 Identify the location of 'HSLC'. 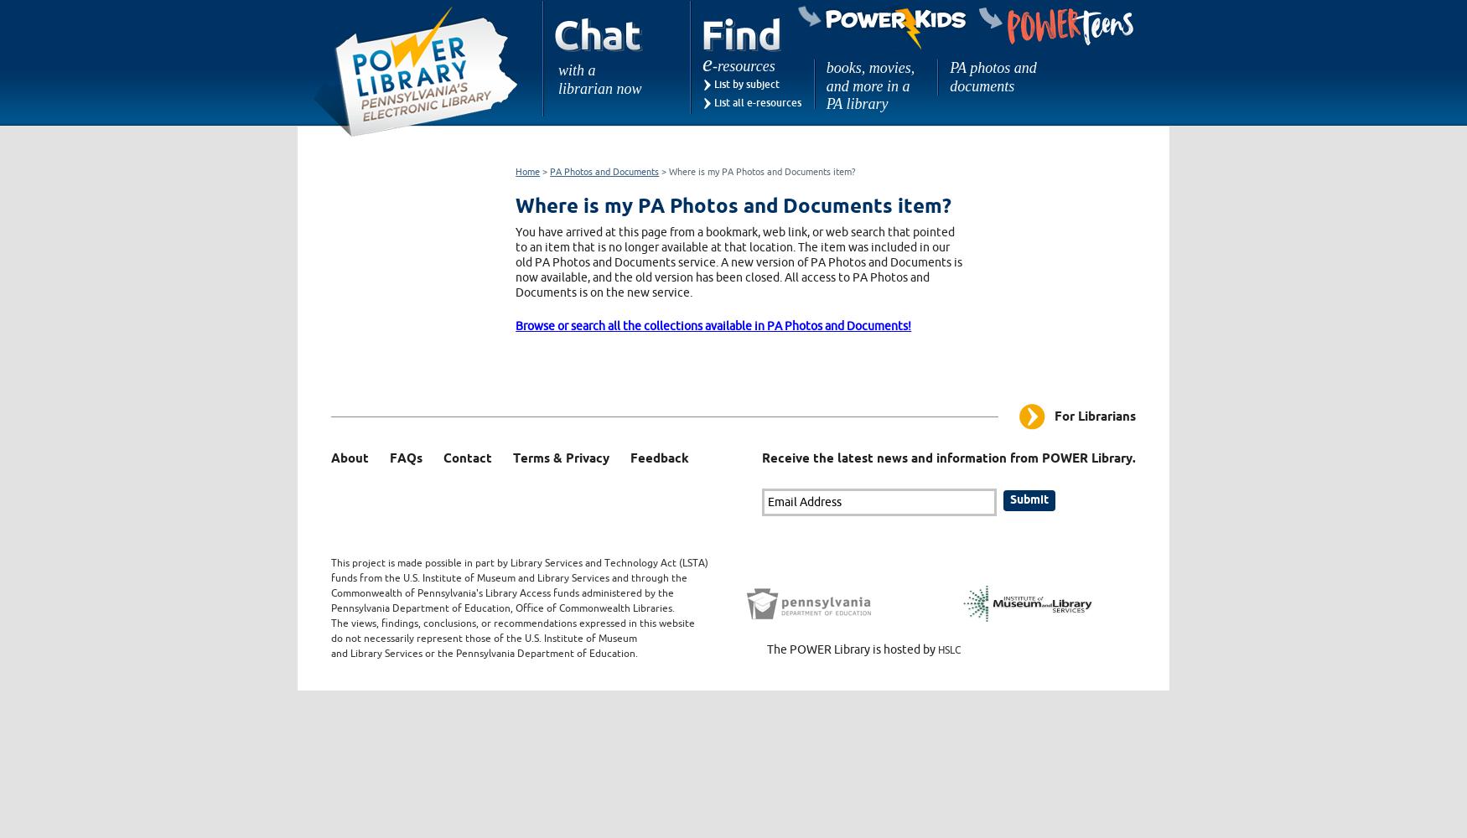
(948, 649).